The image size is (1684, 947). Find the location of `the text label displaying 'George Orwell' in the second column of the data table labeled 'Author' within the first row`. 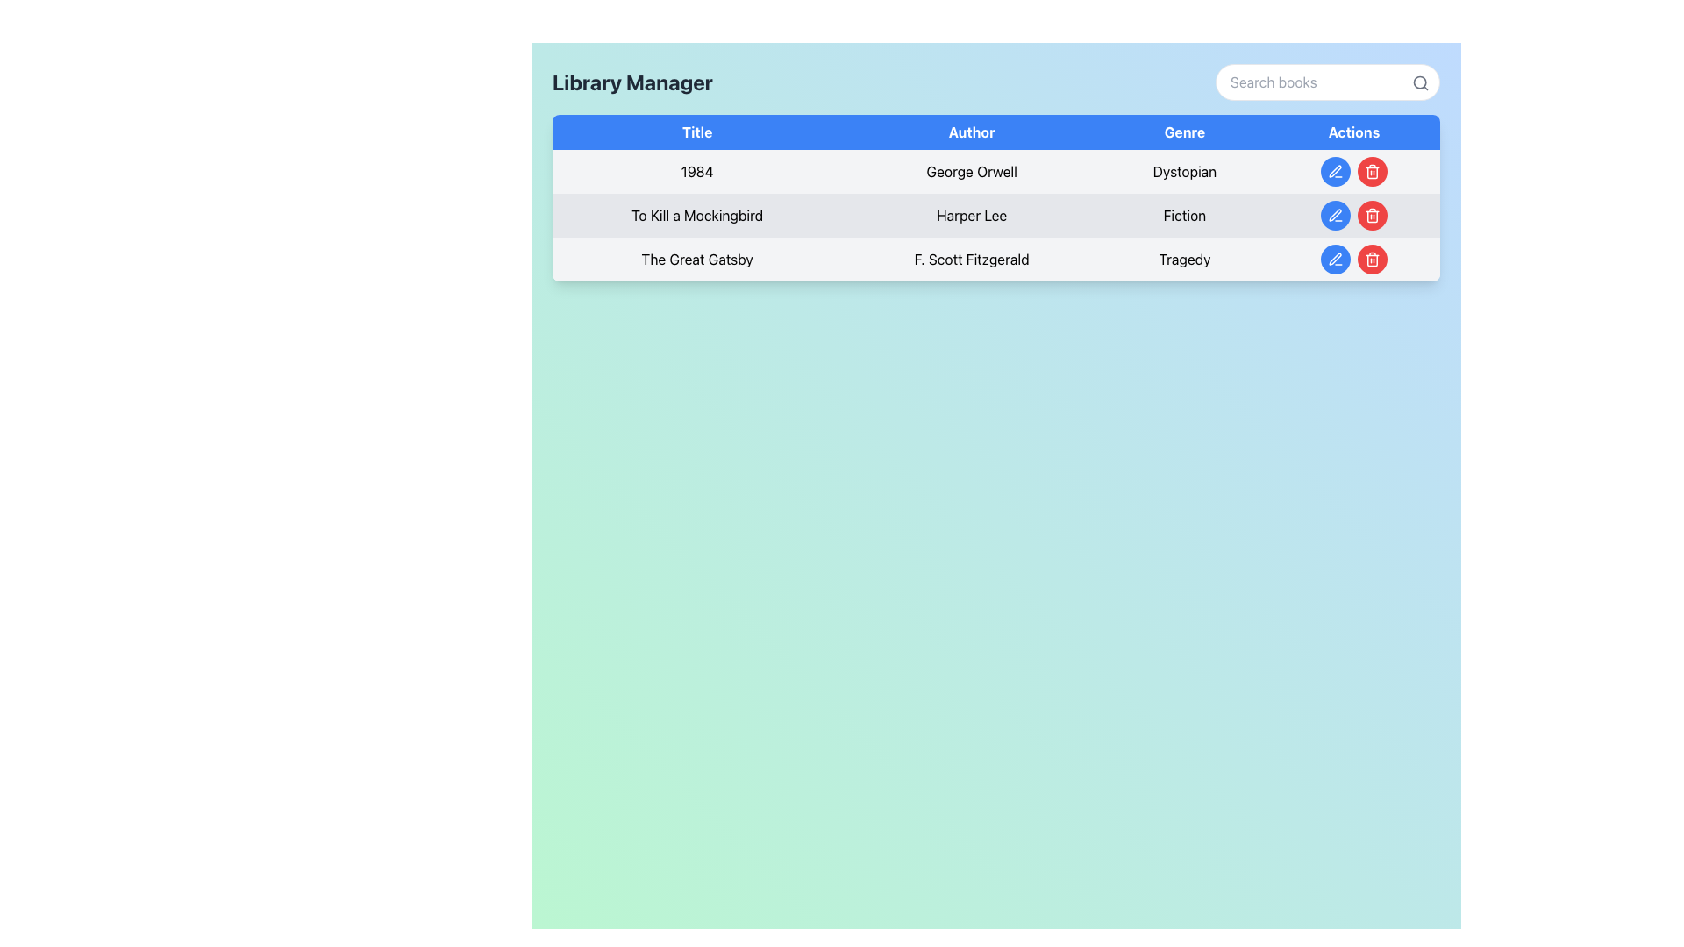

the text label displaying 'George Orwell' in the second column of the data table labeled 'Author' within the first row is located at coordinates (971, 172).